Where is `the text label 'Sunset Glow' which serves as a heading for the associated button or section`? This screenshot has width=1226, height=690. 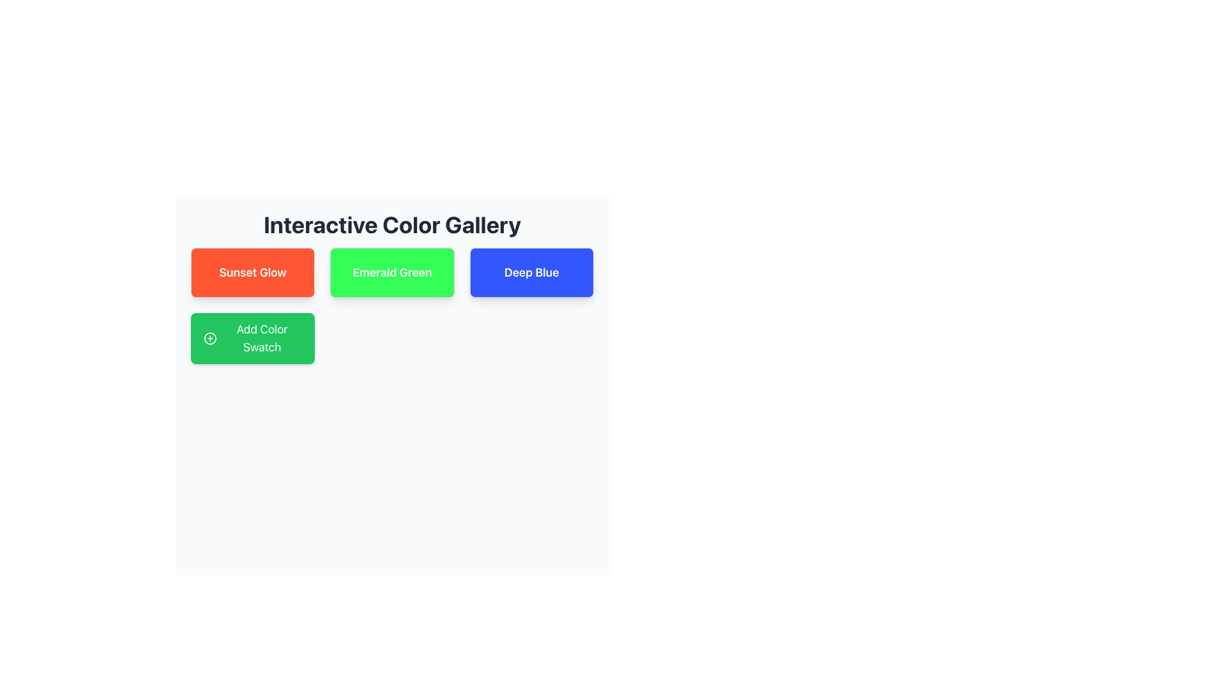 the text label 'Sunset Glow' which serves as a heading for the associated button or section is located at coordinates (253, 272).